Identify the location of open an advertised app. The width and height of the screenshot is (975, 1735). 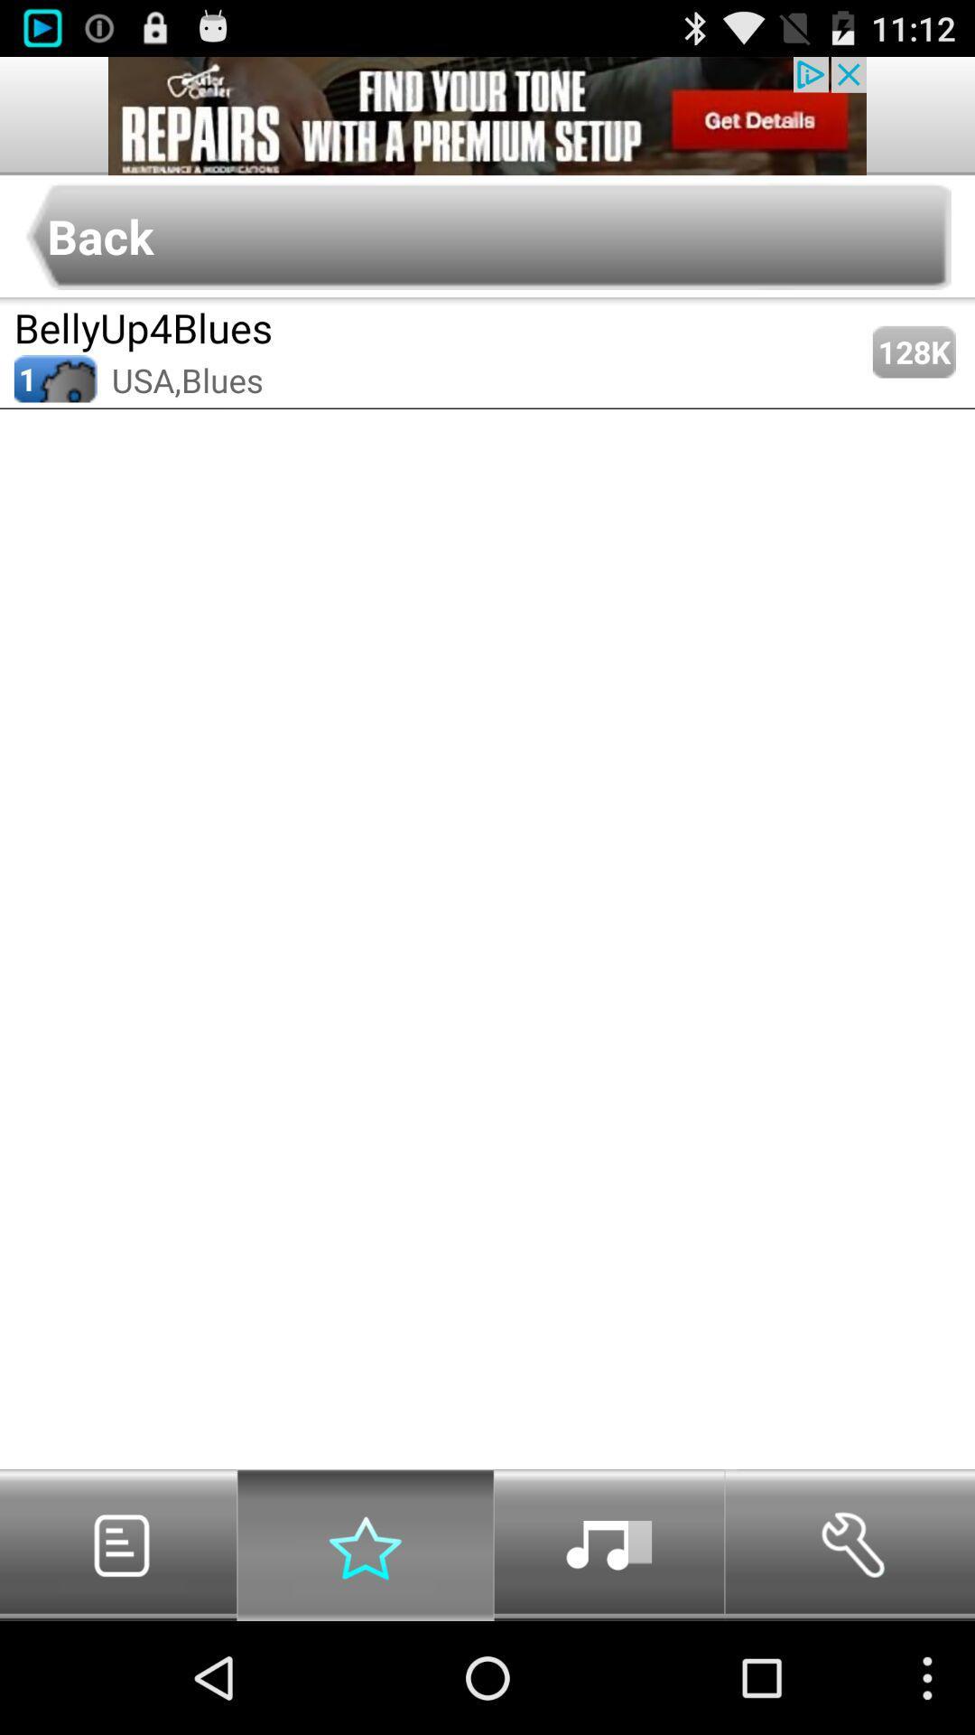
(487, 115).